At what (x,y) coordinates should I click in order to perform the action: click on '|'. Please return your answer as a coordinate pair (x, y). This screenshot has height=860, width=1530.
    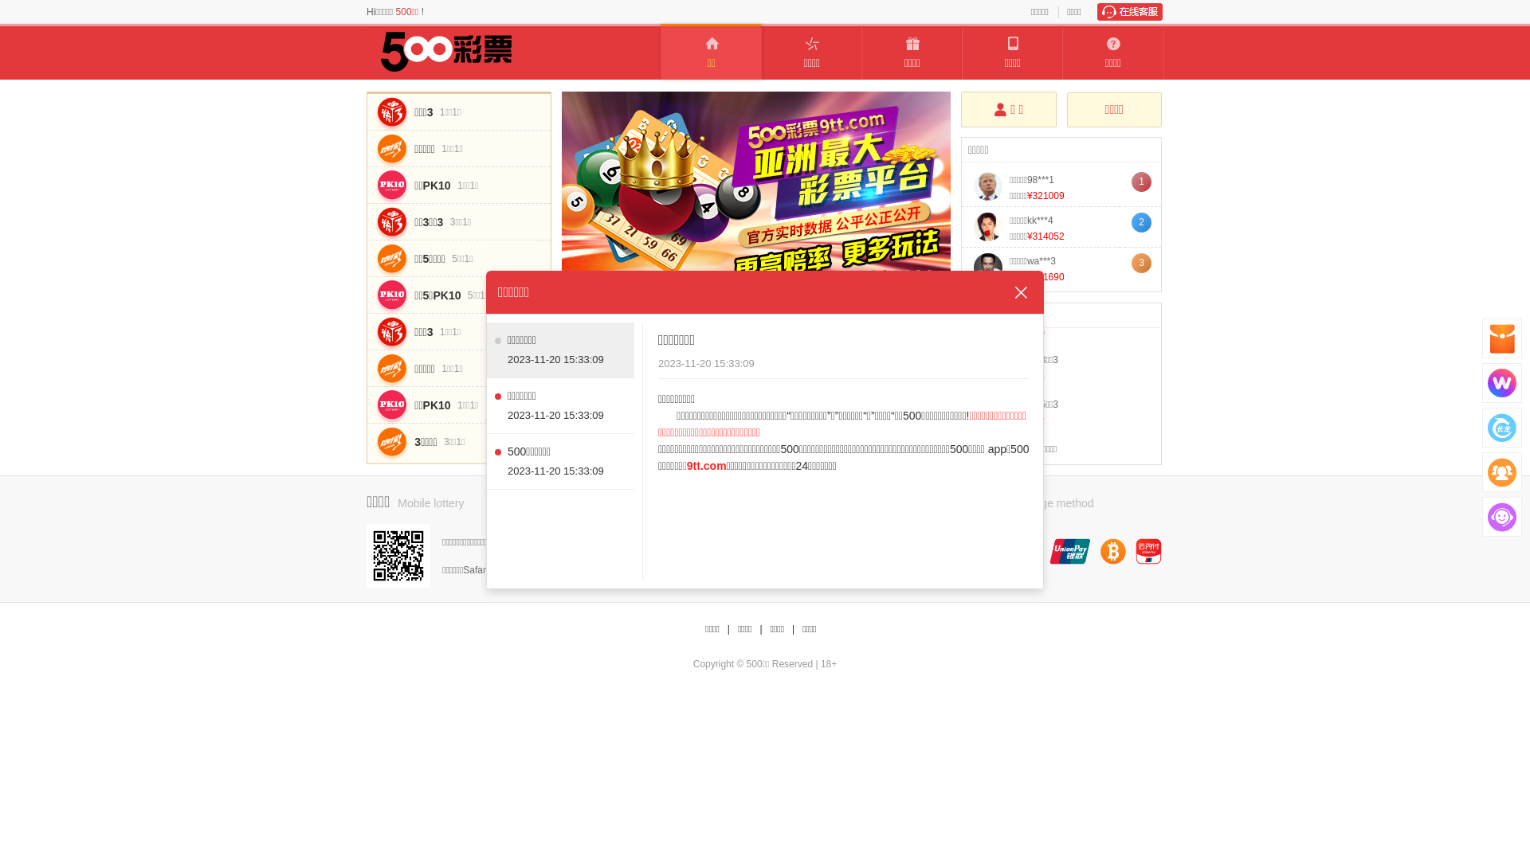
    Looking at the image, I should click on (759, 628).